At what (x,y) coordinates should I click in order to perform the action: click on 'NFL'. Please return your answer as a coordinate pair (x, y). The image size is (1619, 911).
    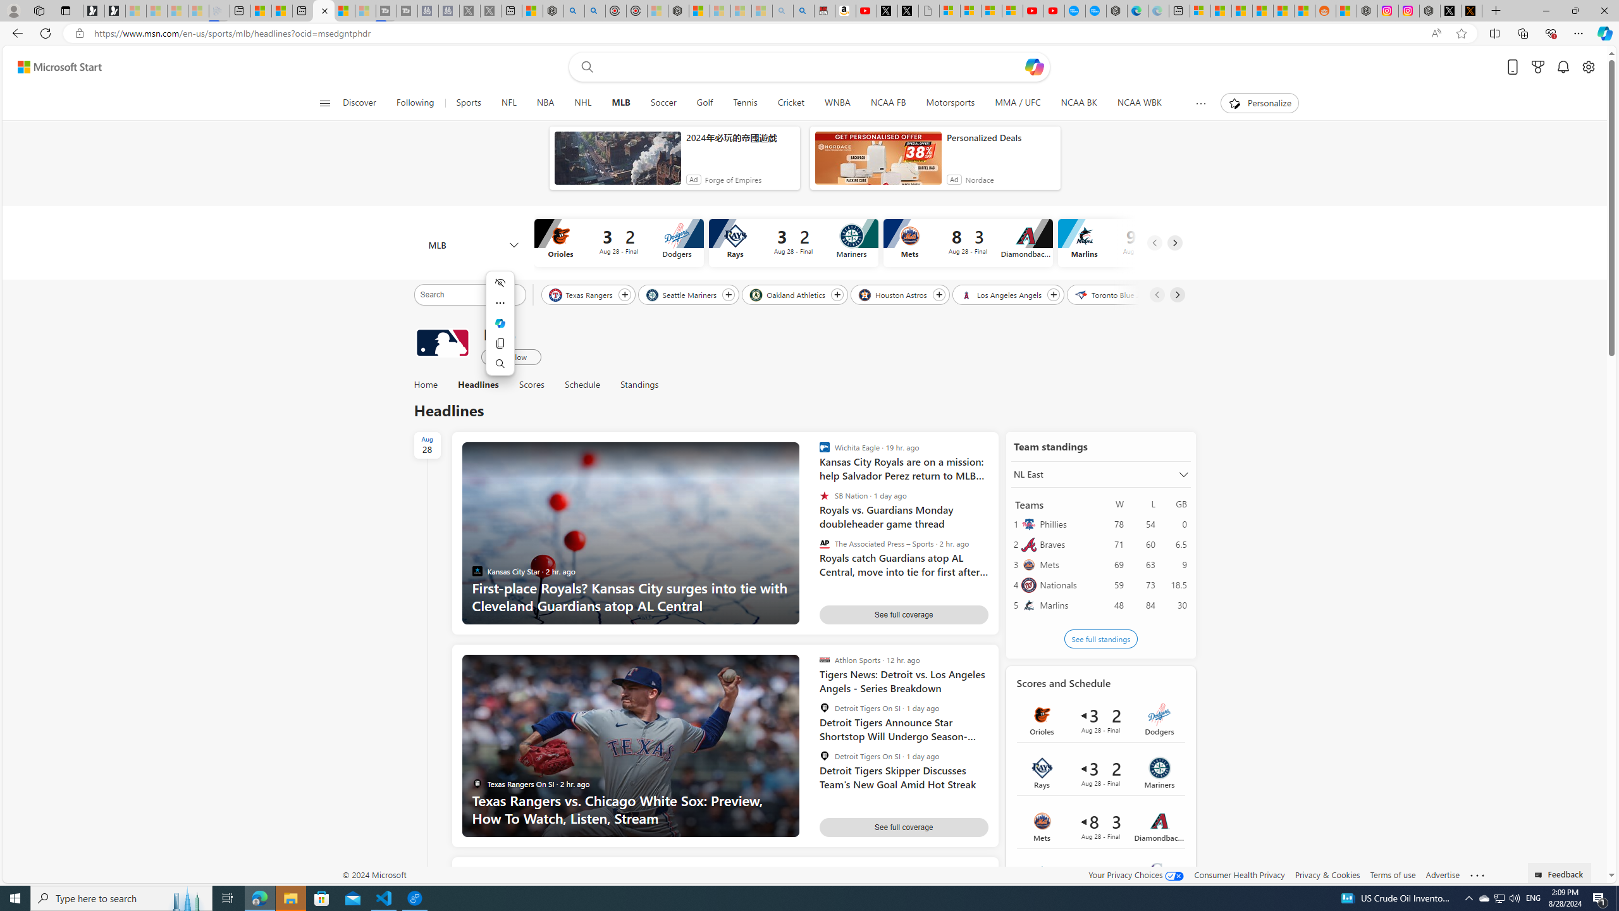
    Looking at the image, I should click on (508, 102).